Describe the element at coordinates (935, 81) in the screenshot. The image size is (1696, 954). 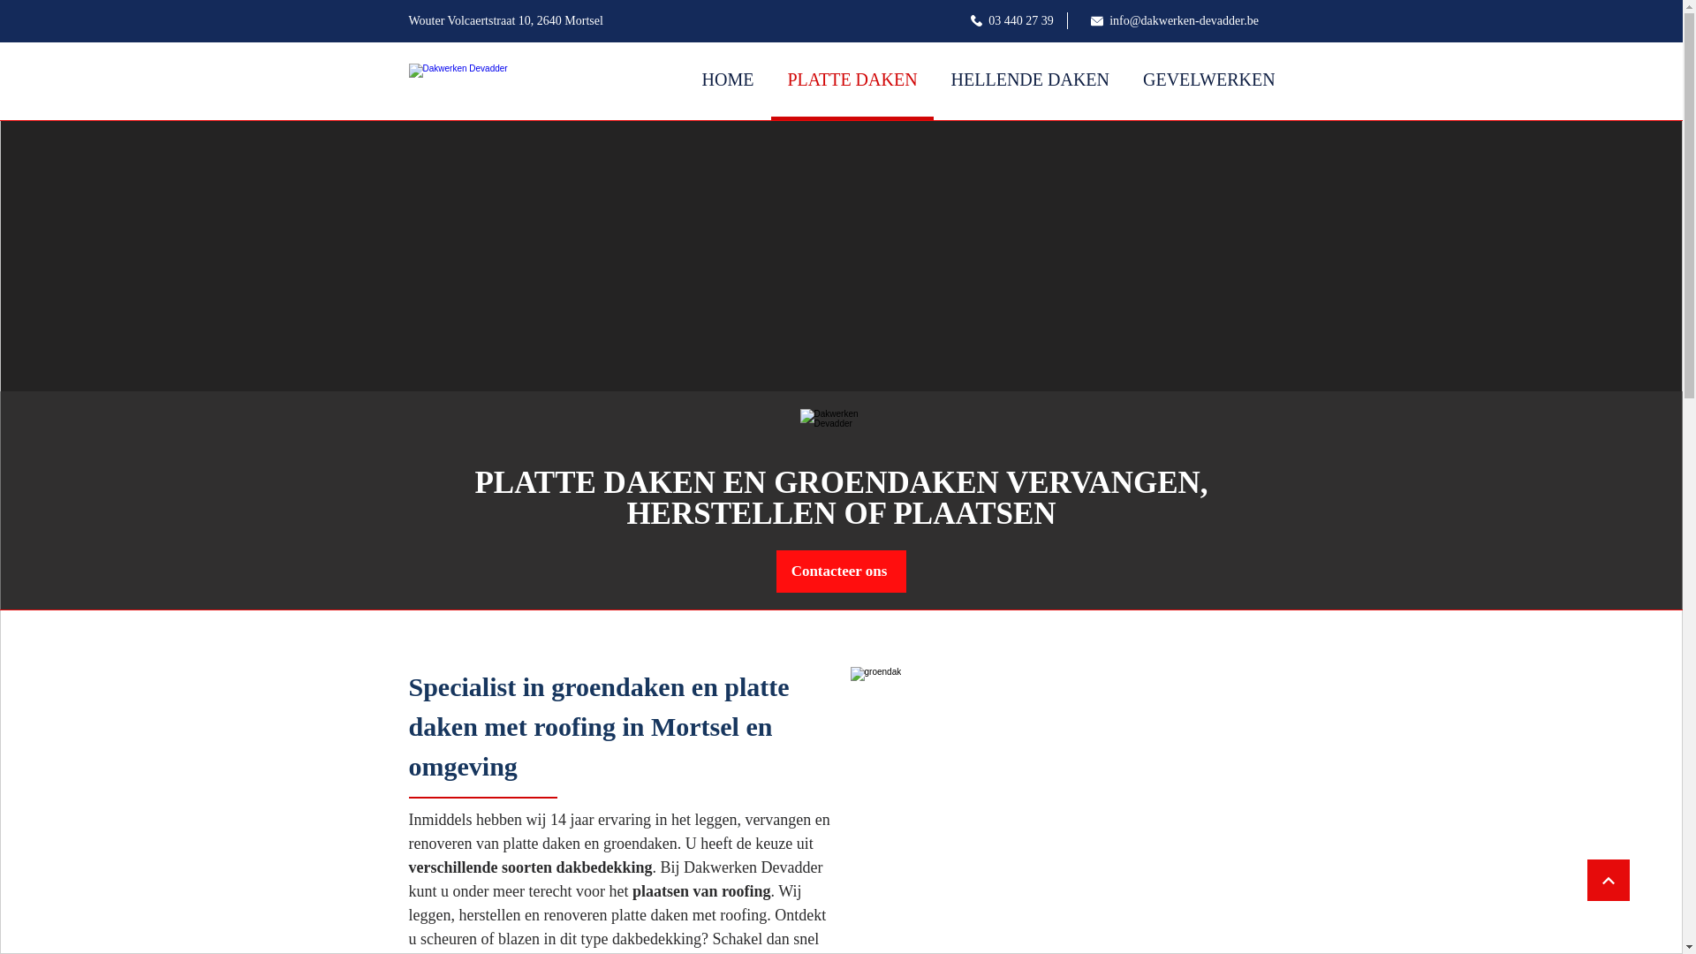
I see `'HELLENDE DAKEN'` at that location.